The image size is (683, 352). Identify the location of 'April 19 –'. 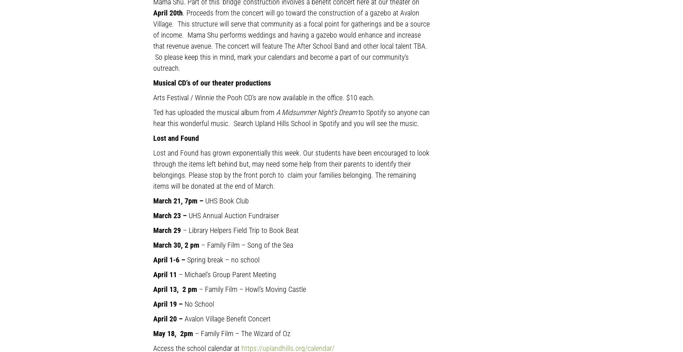
(167, 303).